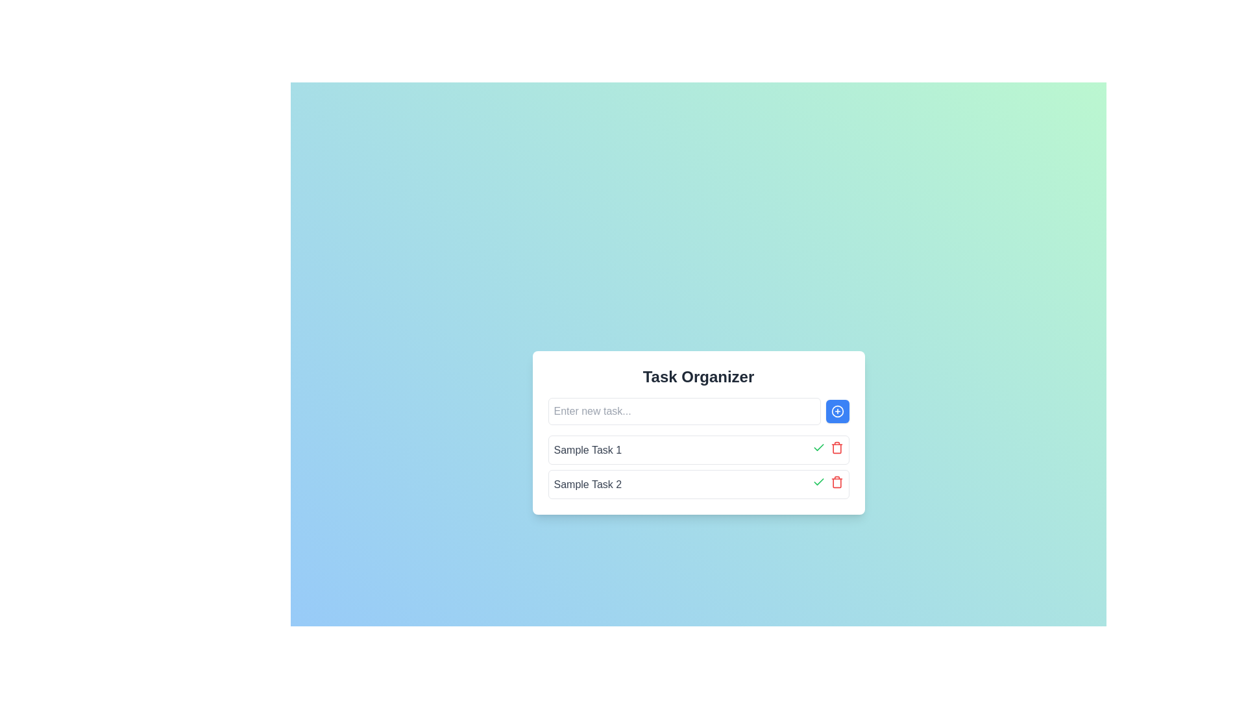  What do you see at coordinates (827, 484) in the screenshot?
I see `the green checkmark button located to the far right of the row containing 'Sample Task 2' to mark the task as complete` at bounding box center [827, 484].